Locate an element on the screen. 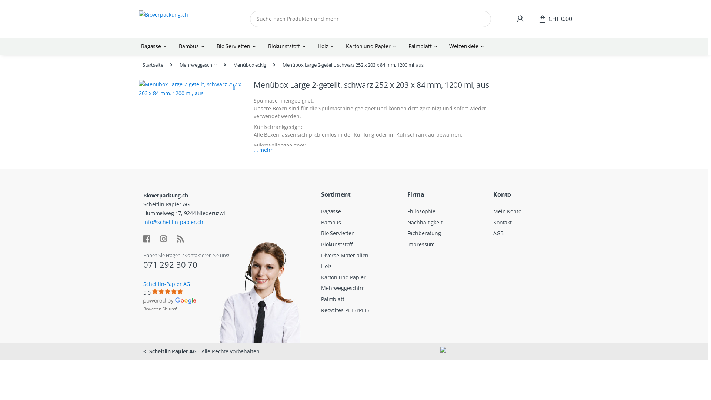  'Impressum' is located at coordinates (421, 244).